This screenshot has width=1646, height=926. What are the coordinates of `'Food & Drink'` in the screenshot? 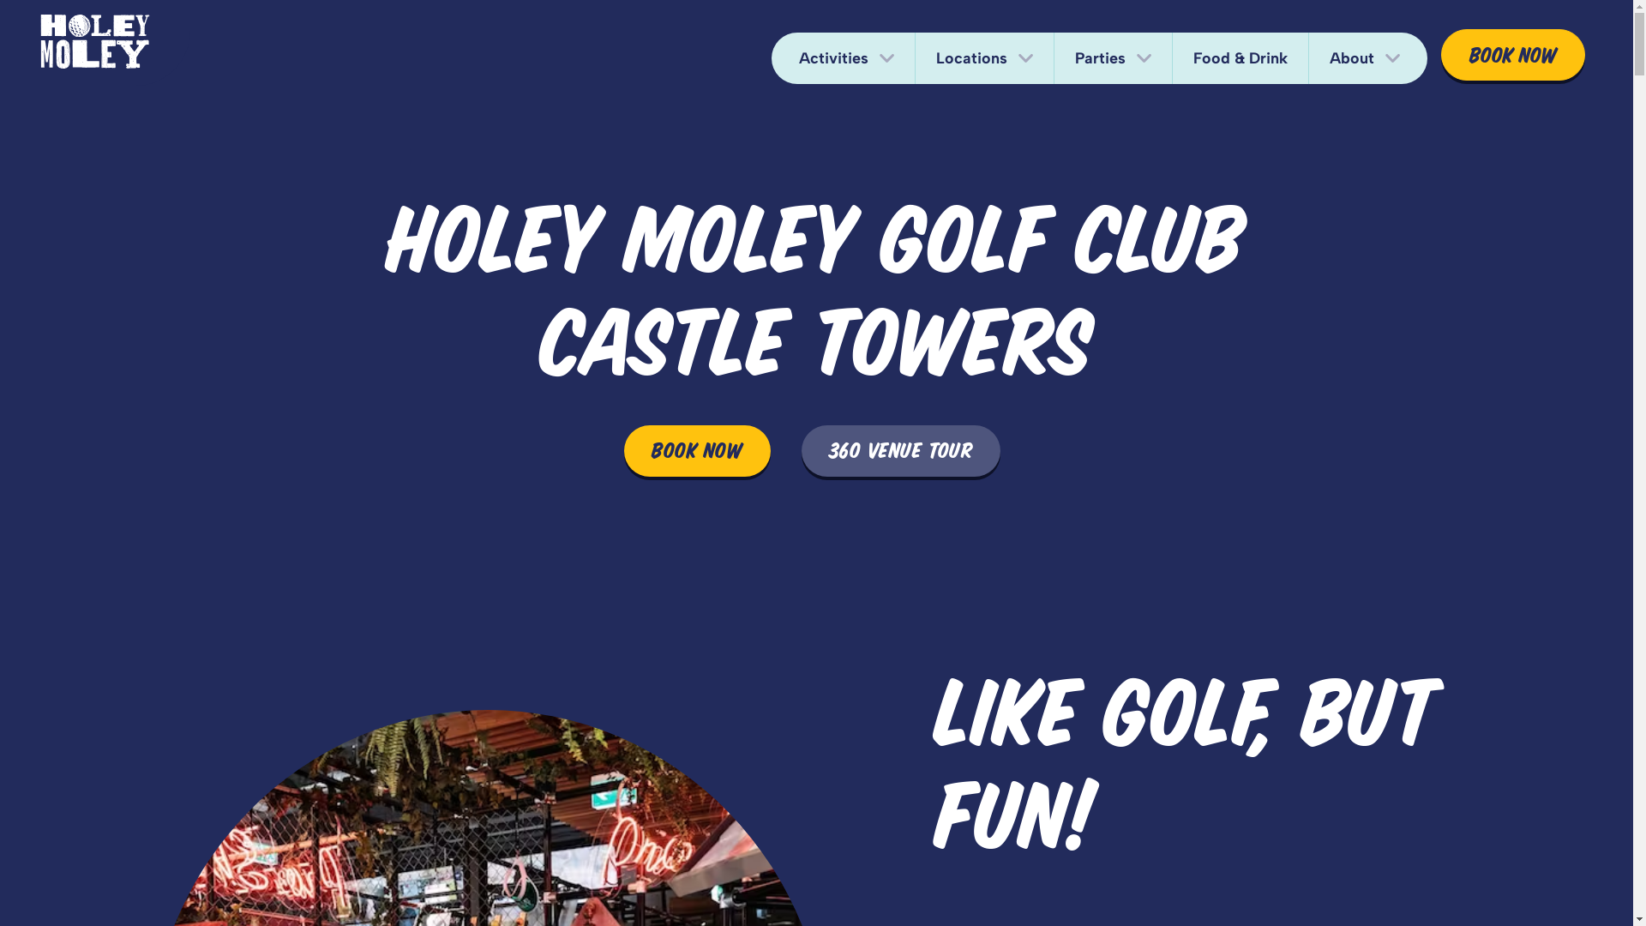 It's located at (1240, 57).